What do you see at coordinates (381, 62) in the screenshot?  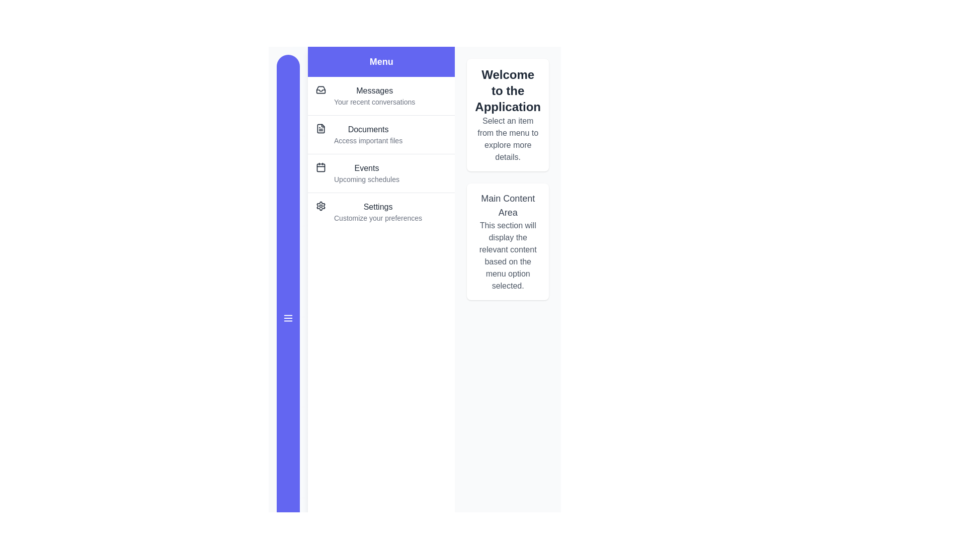 I see `the header of the drawer menu` at bounding box center [381, 62].